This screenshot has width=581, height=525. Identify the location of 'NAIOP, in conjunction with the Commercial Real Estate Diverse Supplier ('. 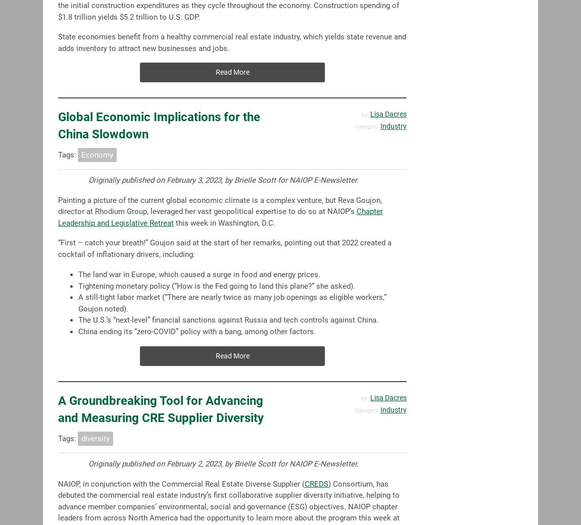
(181, 484).